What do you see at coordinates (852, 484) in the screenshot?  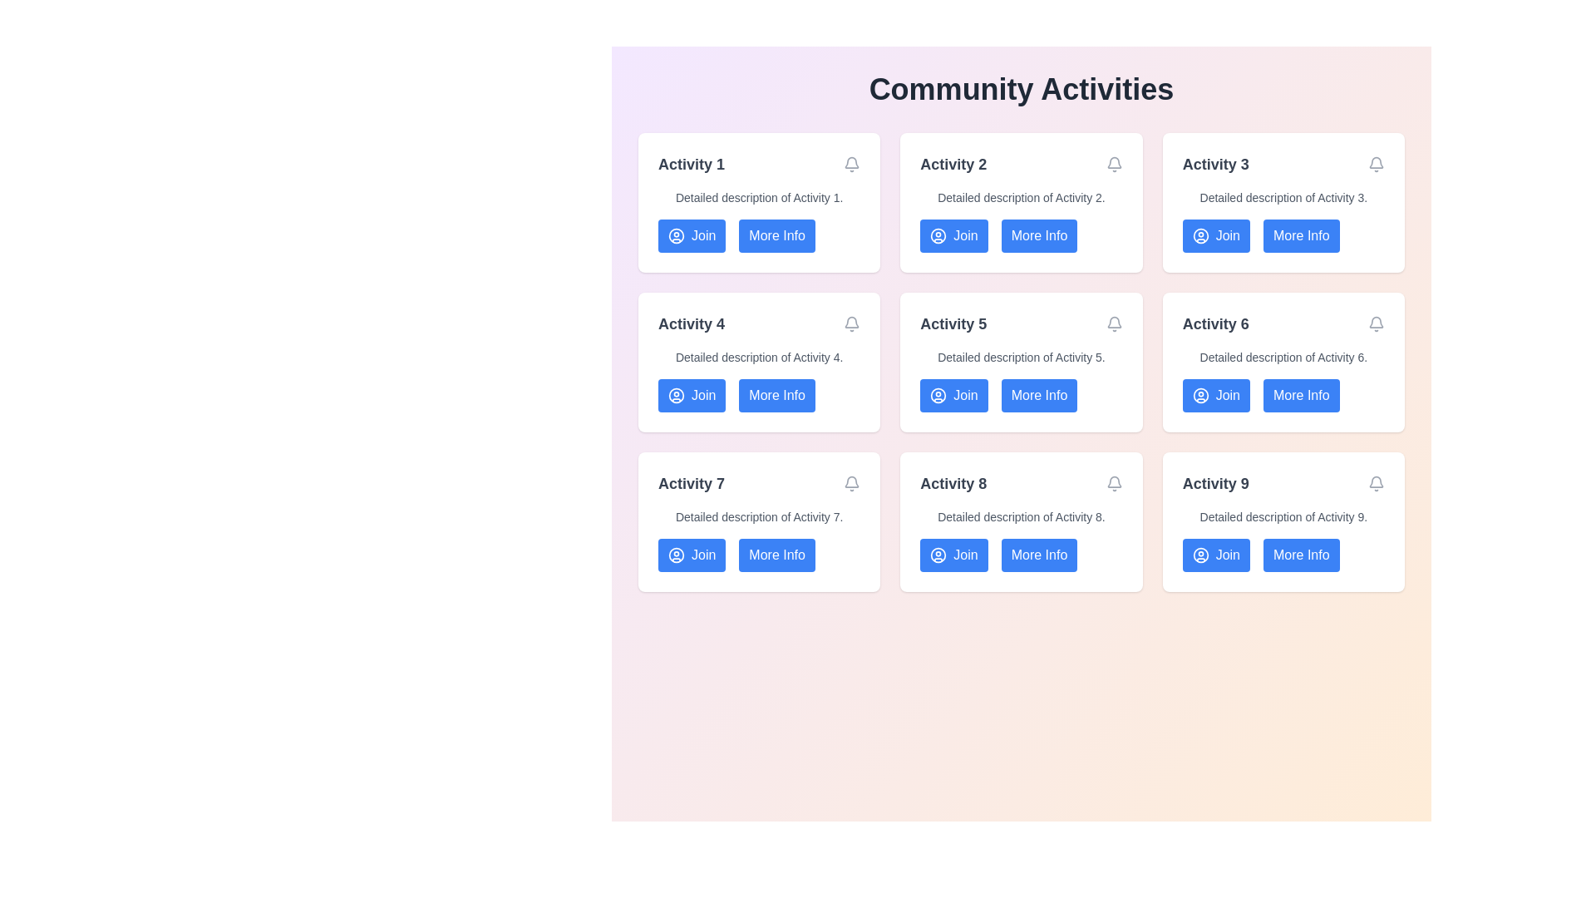 I see `the bell icon located at the top right corner of the 'Activity 7' card` at bounding box center [852, 484].